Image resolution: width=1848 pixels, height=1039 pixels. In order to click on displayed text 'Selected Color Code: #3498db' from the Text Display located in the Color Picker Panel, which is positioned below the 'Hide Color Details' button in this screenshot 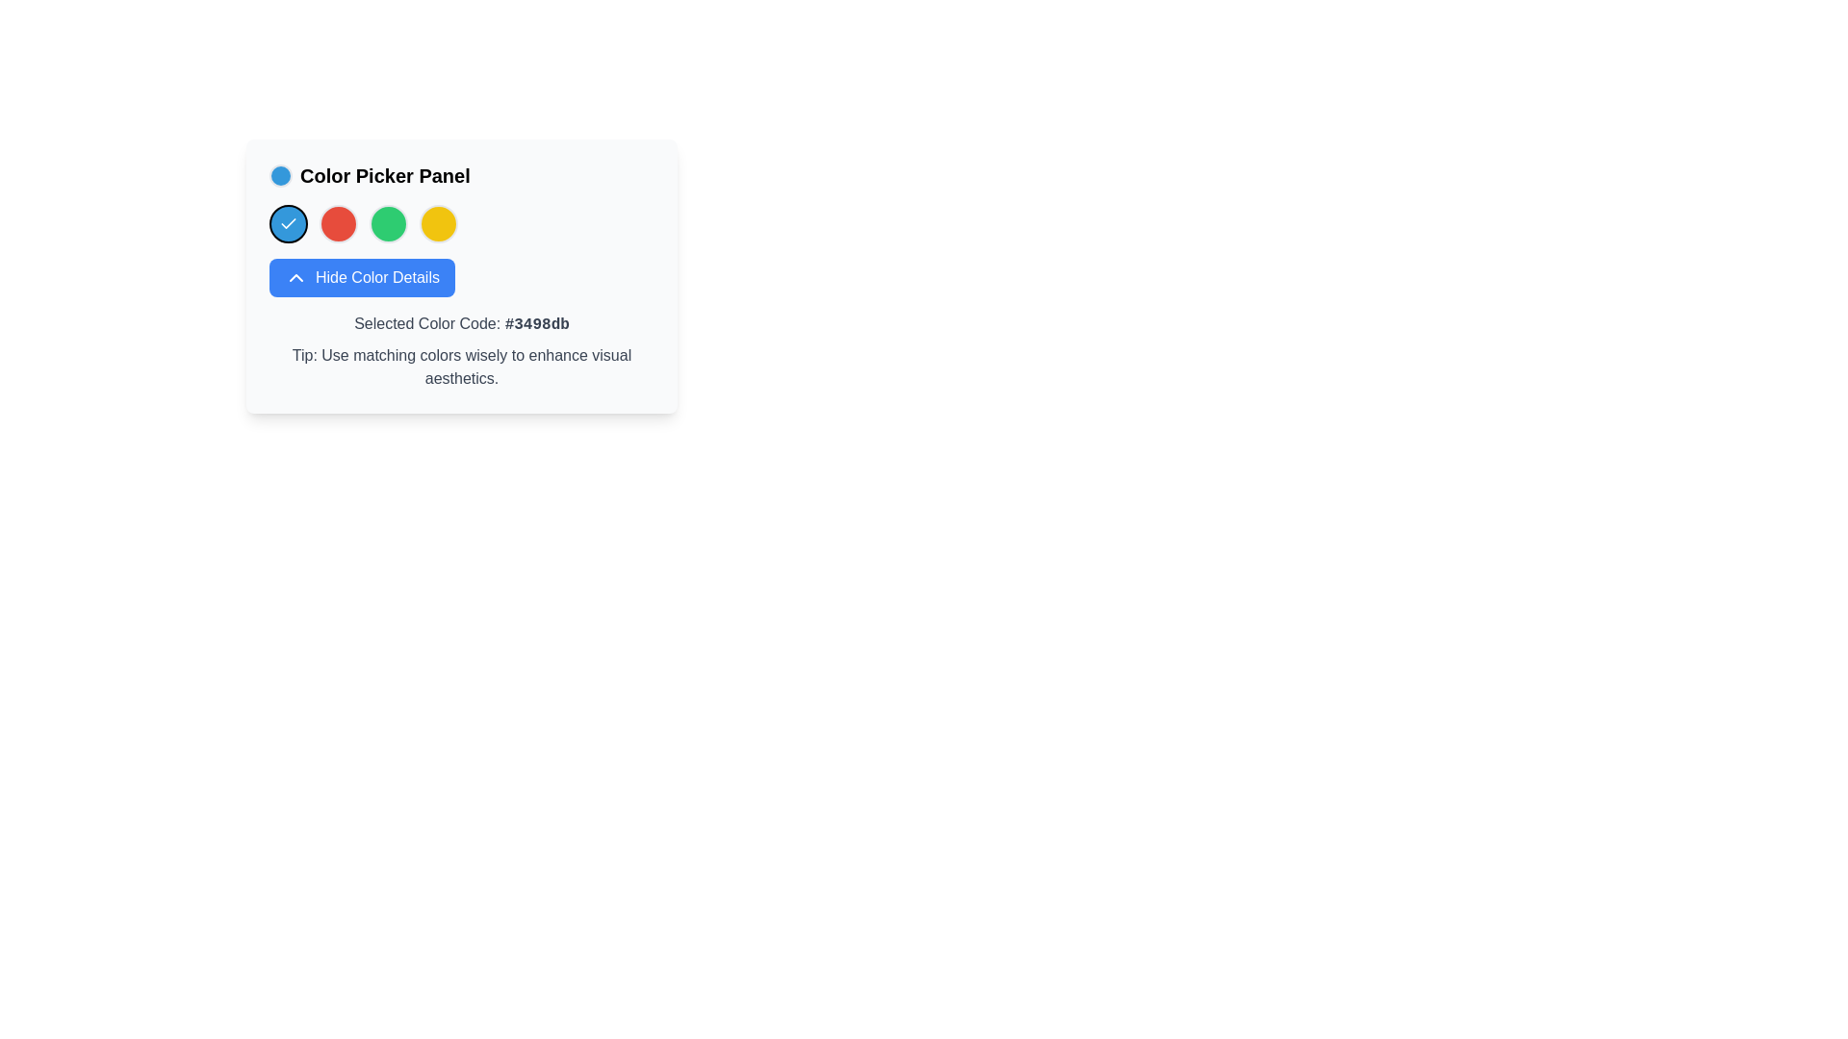, I will do `click(462, 323)`.